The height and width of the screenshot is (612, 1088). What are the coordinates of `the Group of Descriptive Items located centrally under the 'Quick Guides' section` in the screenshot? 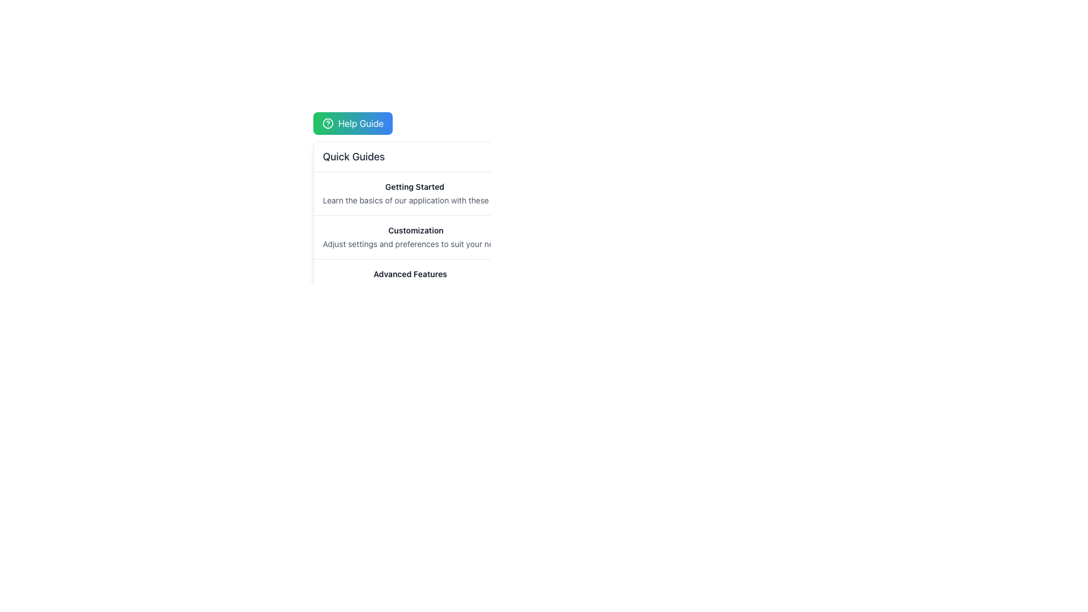 It's located at (421, 237).